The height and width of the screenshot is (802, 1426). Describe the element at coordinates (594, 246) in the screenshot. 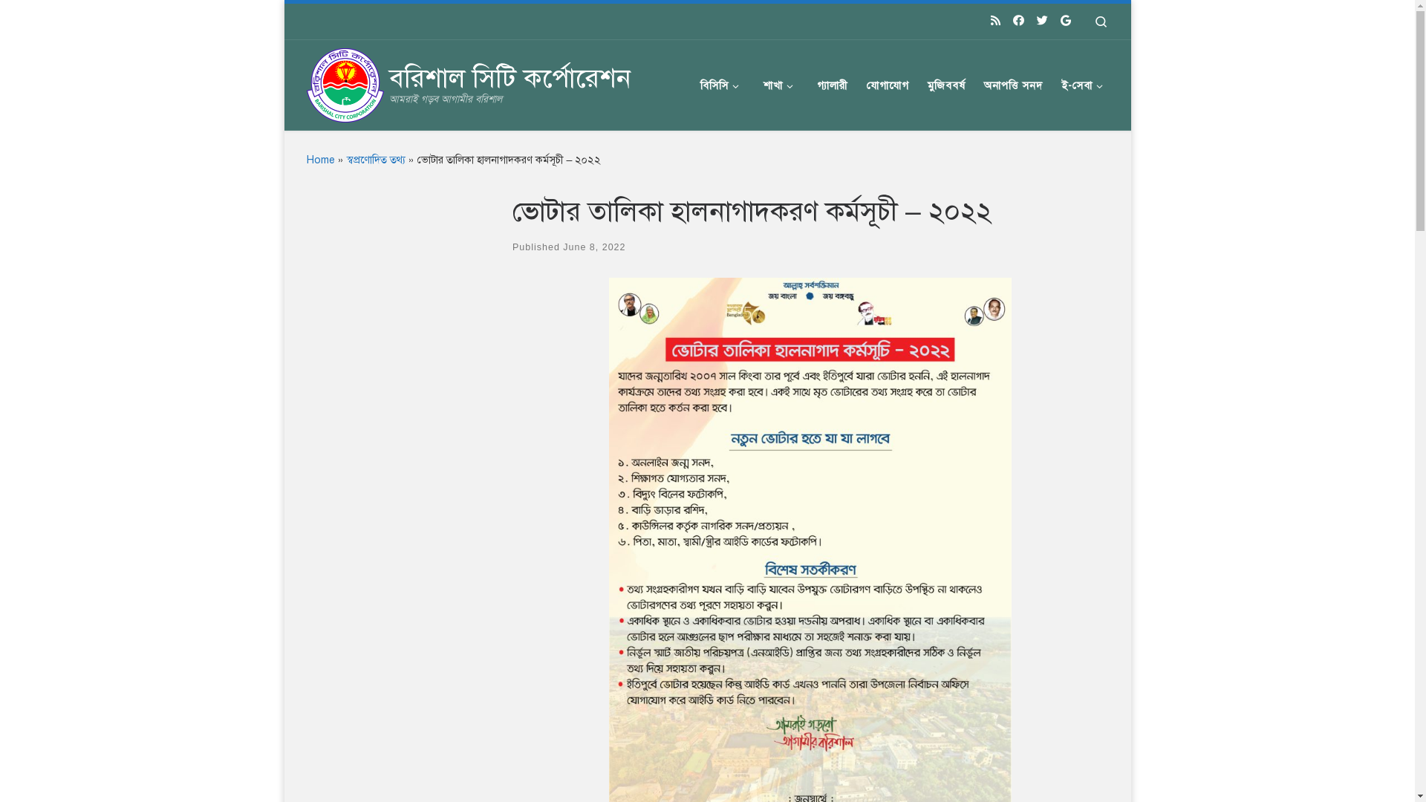

I see `'June 8, 2022'` at that location.